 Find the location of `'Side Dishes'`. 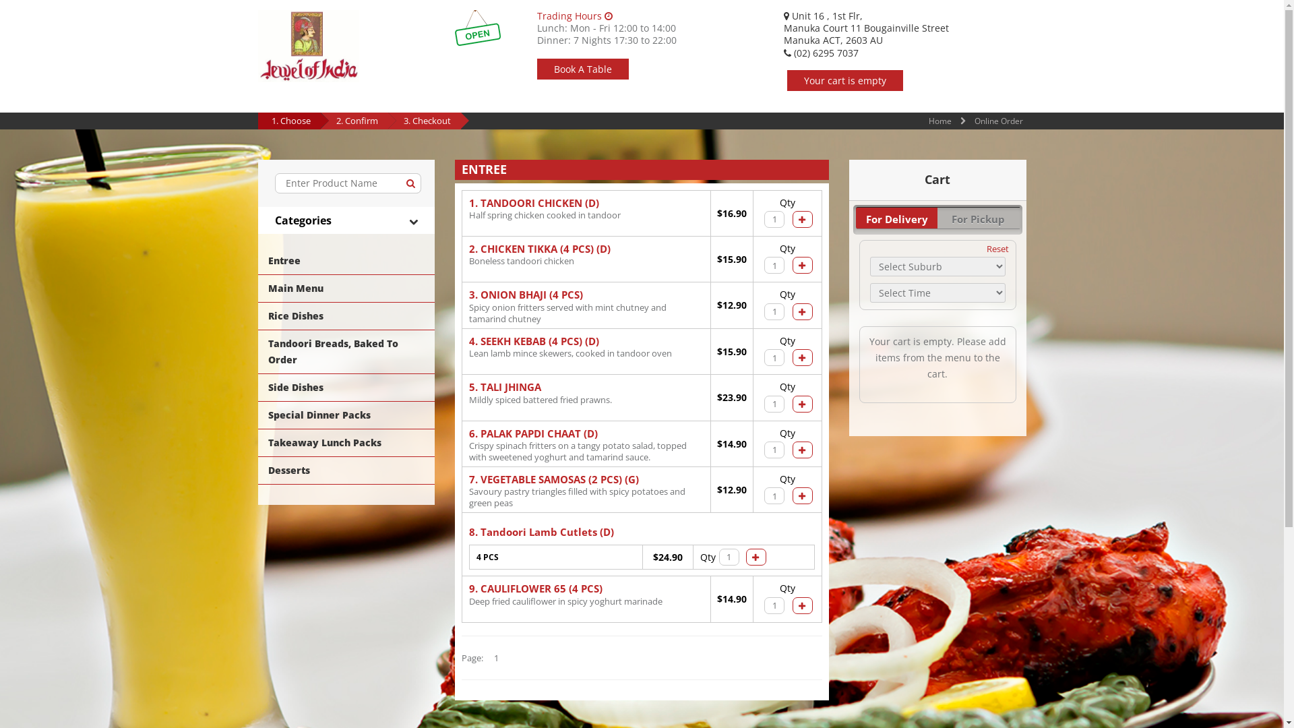

'Side Dishes' is located at coordinates (346, 387).